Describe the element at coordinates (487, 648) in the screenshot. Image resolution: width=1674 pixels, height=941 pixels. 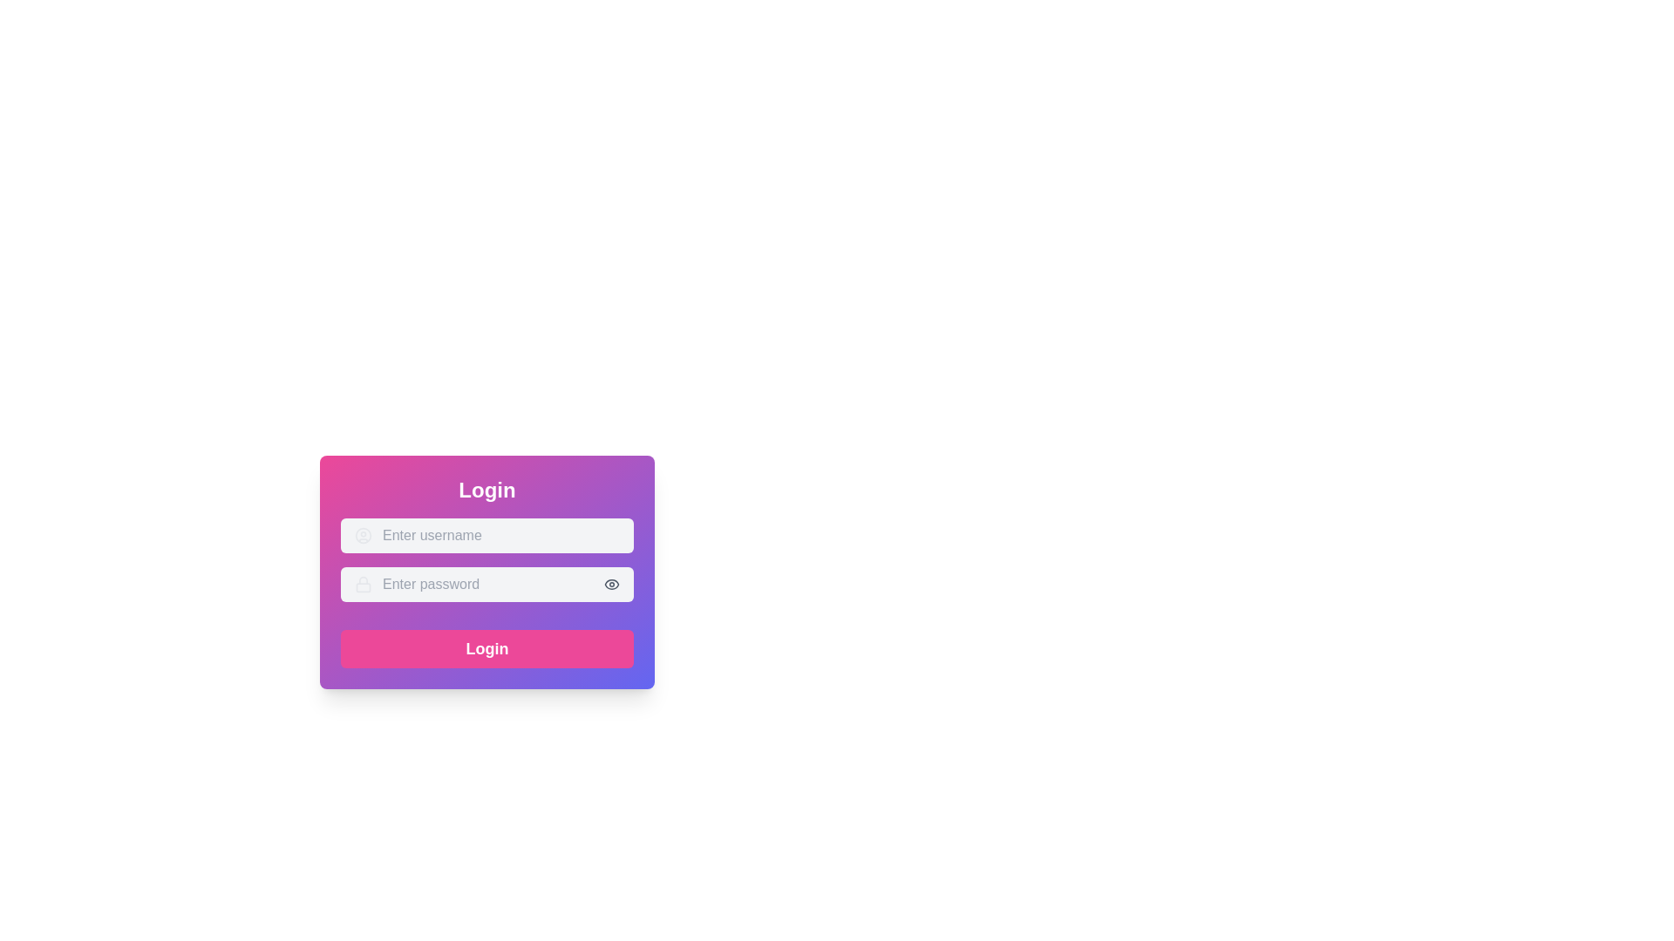
I see `the submit button located at the bottom of the login form` at that location.